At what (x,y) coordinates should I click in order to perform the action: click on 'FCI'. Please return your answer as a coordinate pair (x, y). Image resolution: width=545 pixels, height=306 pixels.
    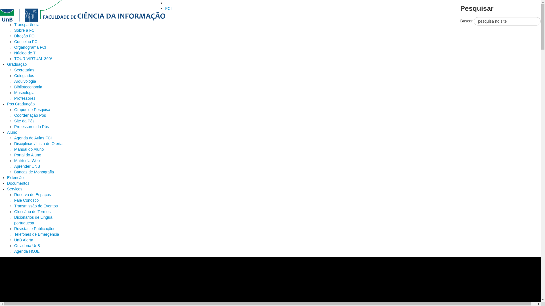
    Looking at the image, I should click on (168, 8).